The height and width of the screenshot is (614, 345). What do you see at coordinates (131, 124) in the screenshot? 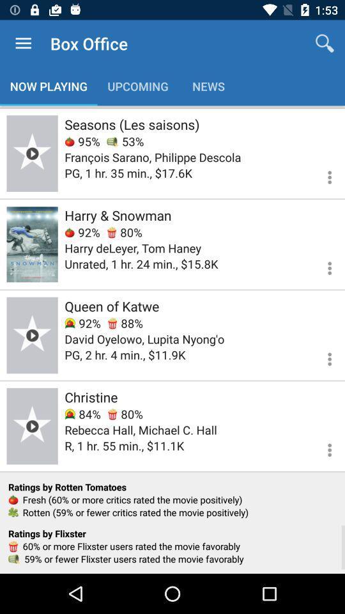
I see `seasons (les saisons) item` at bounding box center [131, 124].